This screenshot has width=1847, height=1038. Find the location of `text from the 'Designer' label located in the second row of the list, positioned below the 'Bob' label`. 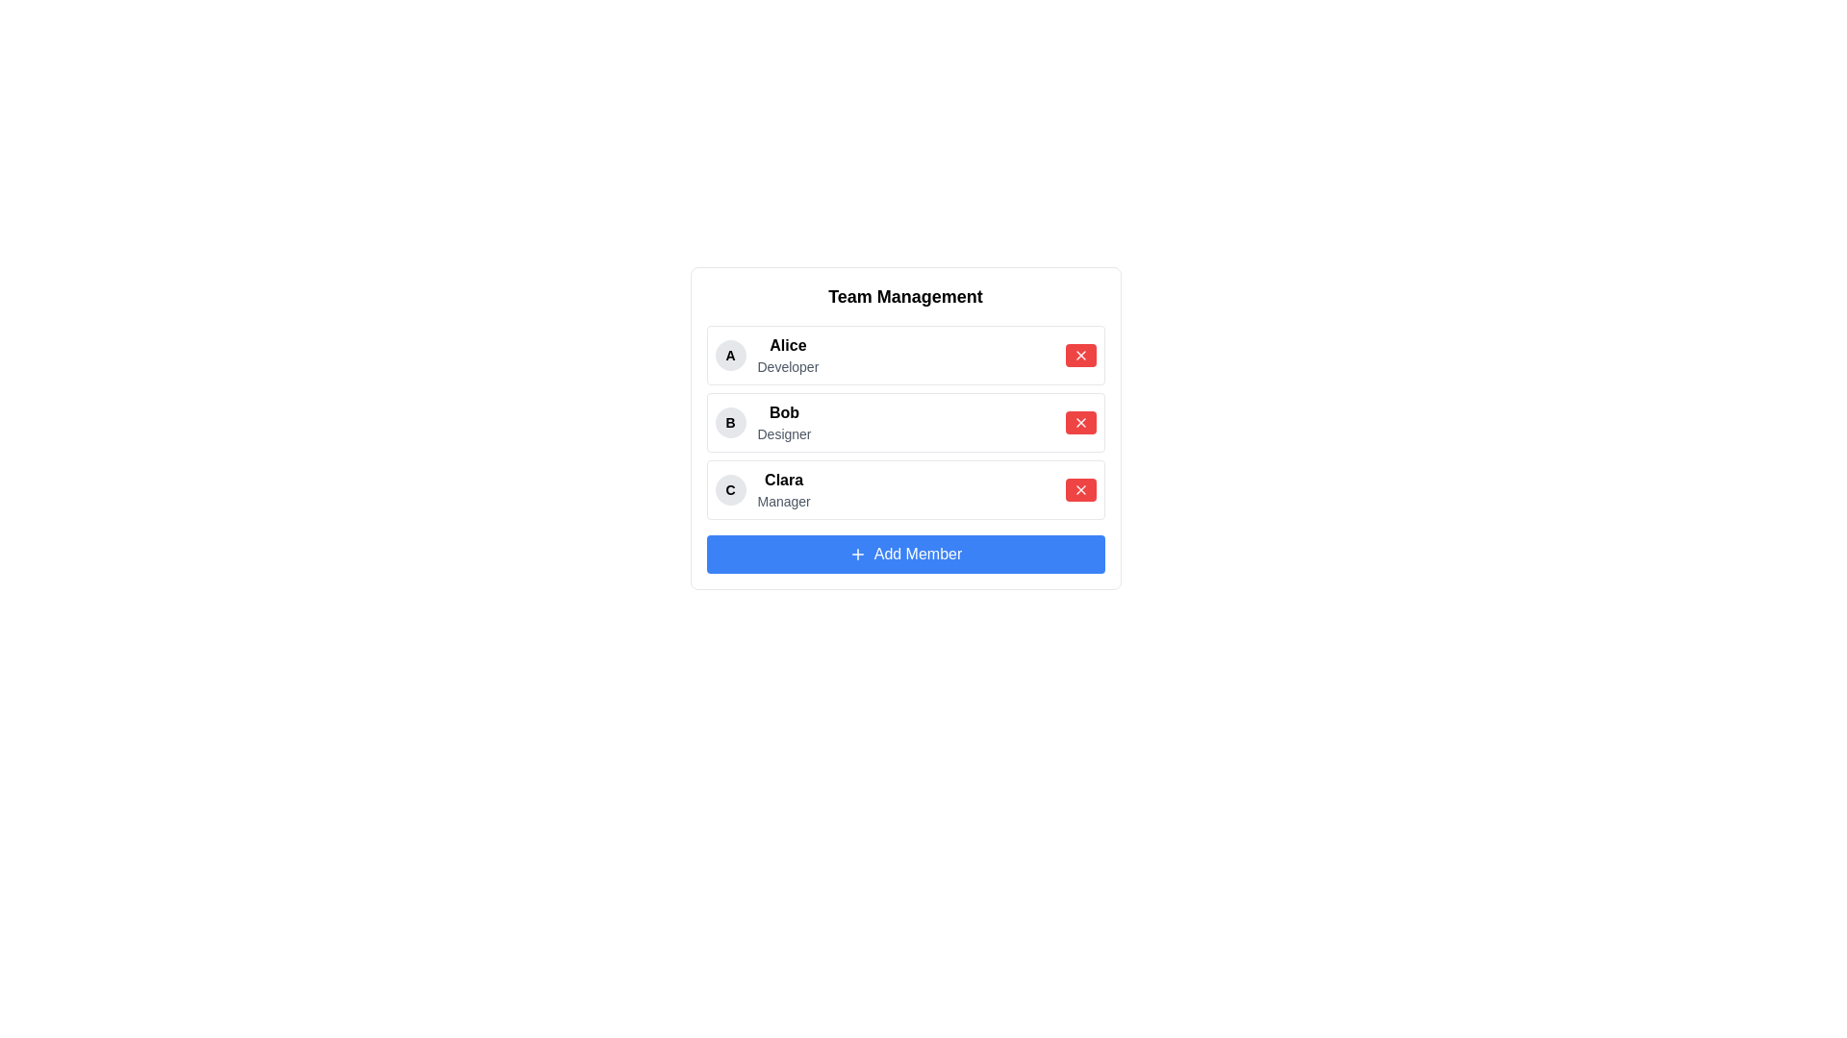

text from the 'Designer' label located in the second row of the list, positioned below the 'Bob' label is located at coordinates (784, 433).